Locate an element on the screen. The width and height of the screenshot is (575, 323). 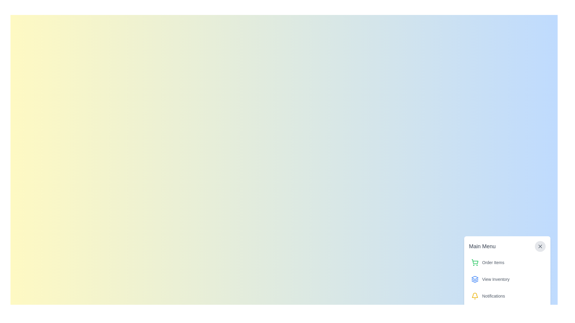
the icon located to the left of the 'View Inventory' text in the second item of the vertical menu list in the bottom-right corner is located at coordinates (474, 279).